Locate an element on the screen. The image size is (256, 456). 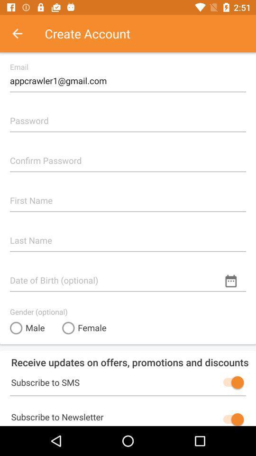
type the last name is located at coordinates (128, 236).